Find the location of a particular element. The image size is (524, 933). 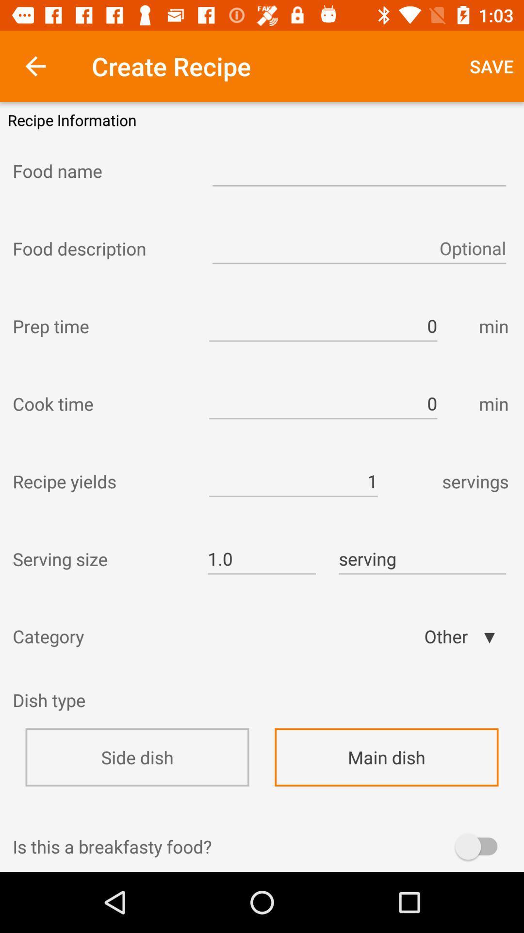

the serving size is located at coordinates (101, 559).